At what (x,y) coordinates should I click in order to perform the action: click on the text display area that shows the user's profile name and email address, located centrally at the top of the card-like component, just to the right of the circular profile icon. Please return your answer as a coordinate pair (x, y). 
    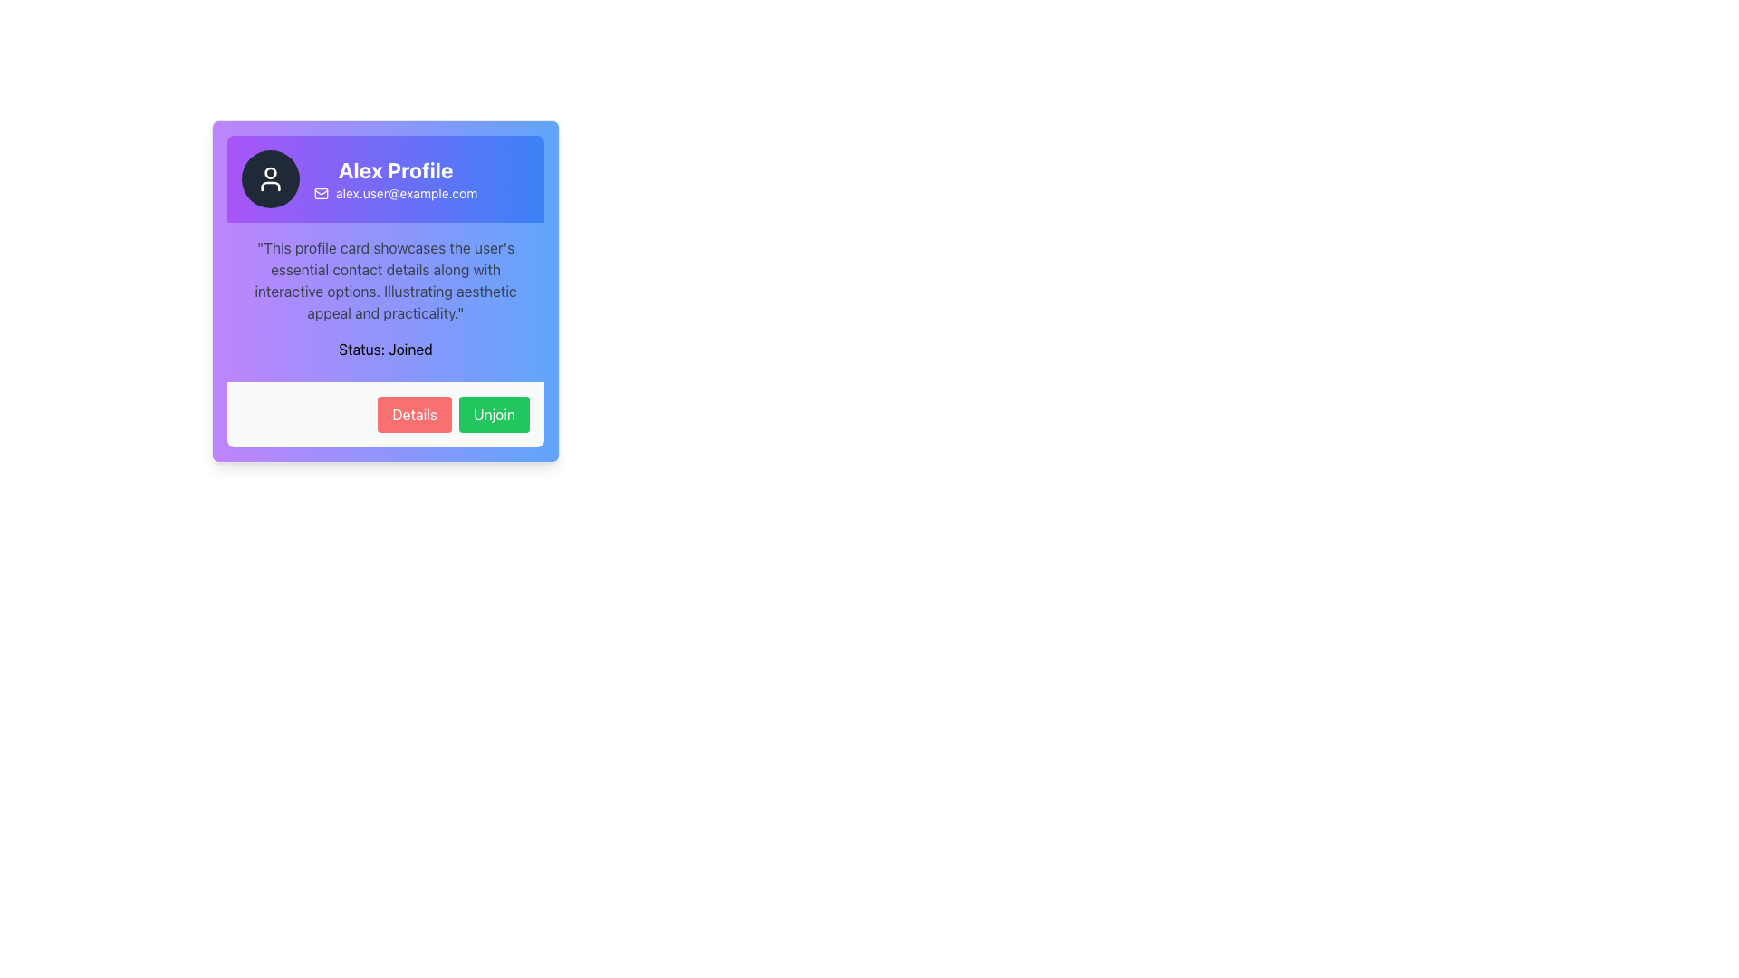
    Looking at the image, I should click on (395, 178).